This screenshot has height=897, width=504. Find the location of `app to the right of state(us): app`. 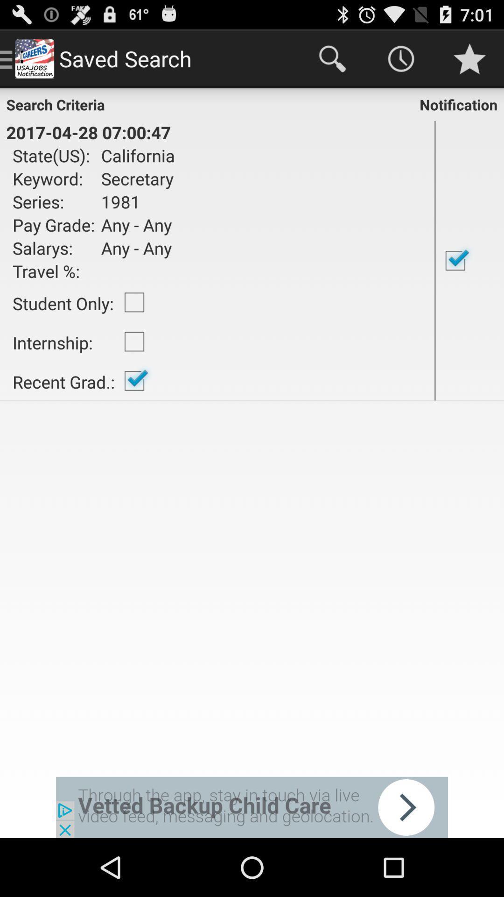

app to the right of state(us): app is located at coordinates (135, 155).